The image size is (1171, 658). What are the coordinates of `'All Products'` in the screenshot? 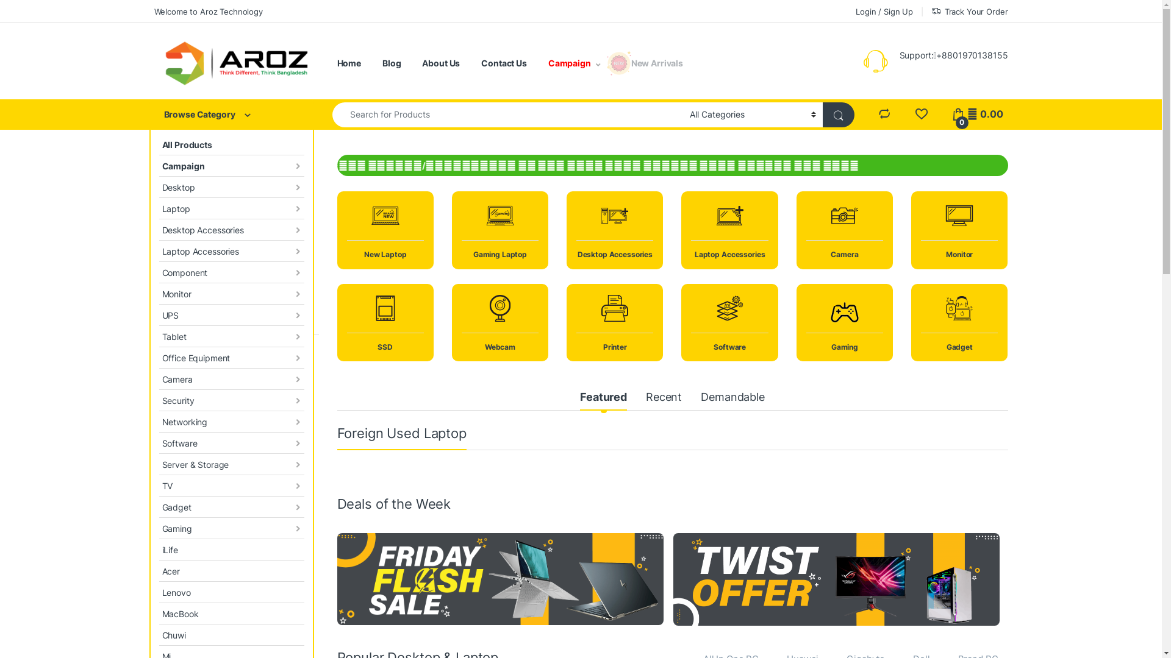 It's located at (157, 144).